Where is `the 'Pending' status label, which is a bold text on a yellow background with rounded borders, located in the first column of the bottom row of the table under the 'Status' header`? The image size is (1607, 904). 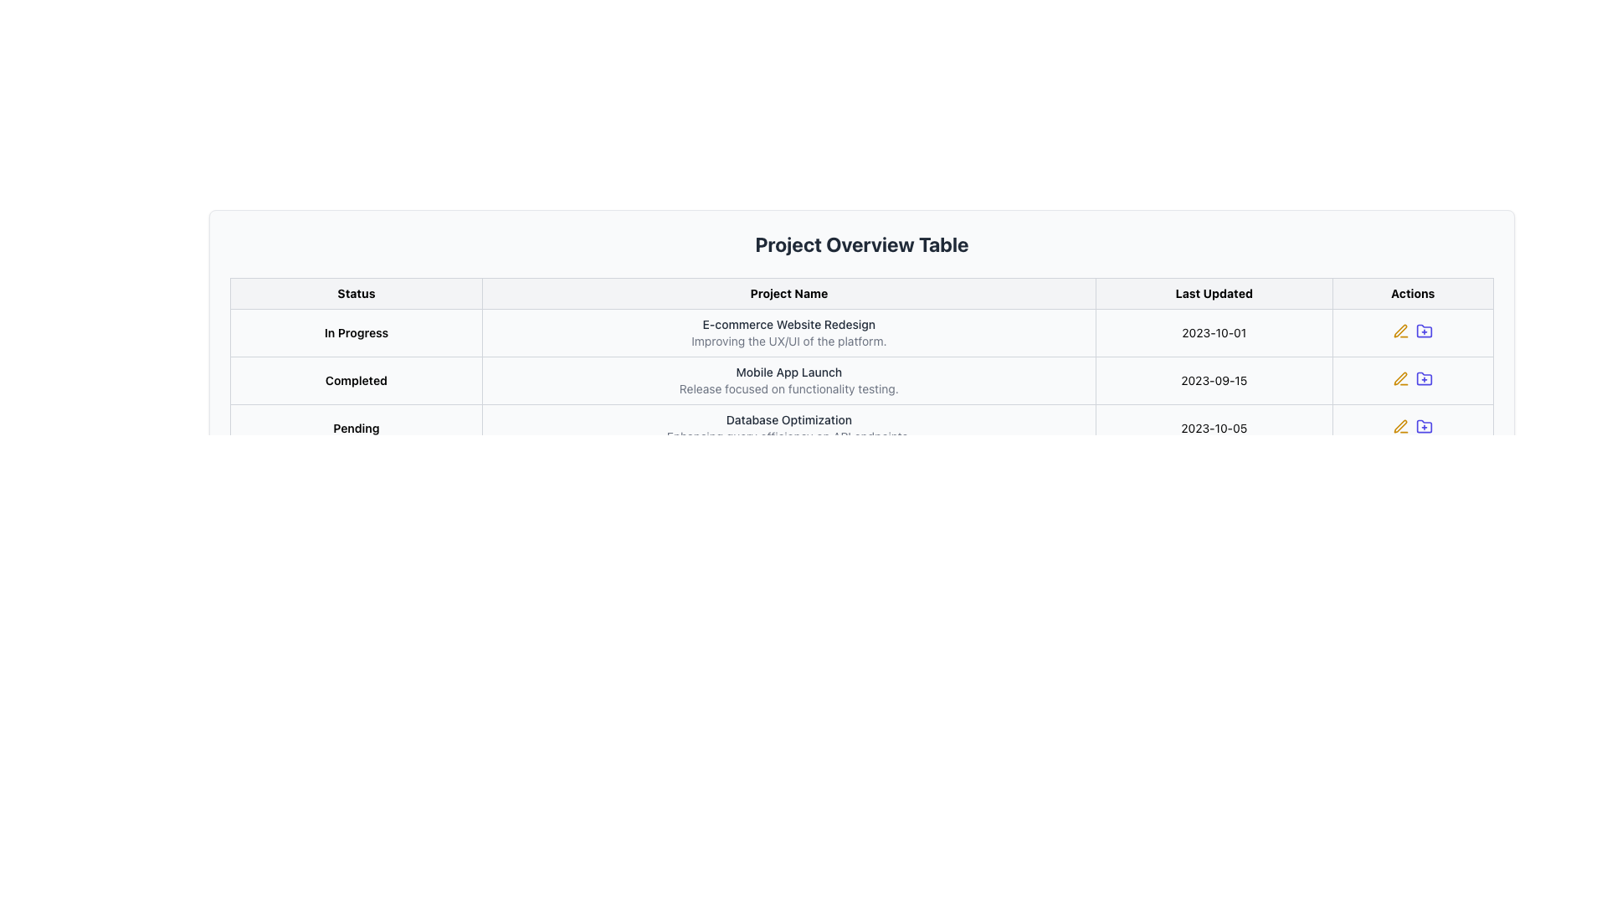 the 'Pending' status label, which is a bold text on a yellow background with rounded borders, located in the first column of the bottom row of the table under the 'Status' header is located at coordinates (355, 428).